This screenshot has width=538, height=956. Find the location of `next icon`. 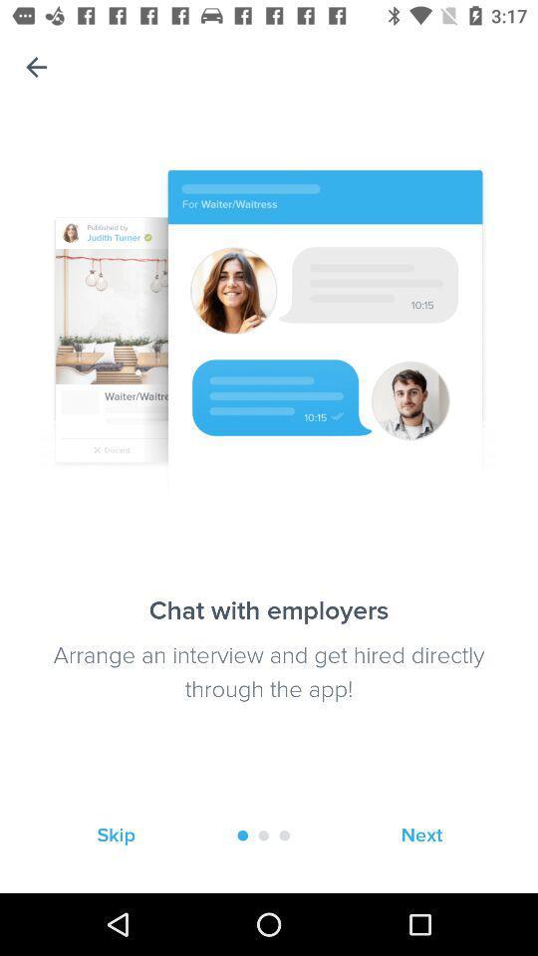

next icon is located at coordinates (420, 836).